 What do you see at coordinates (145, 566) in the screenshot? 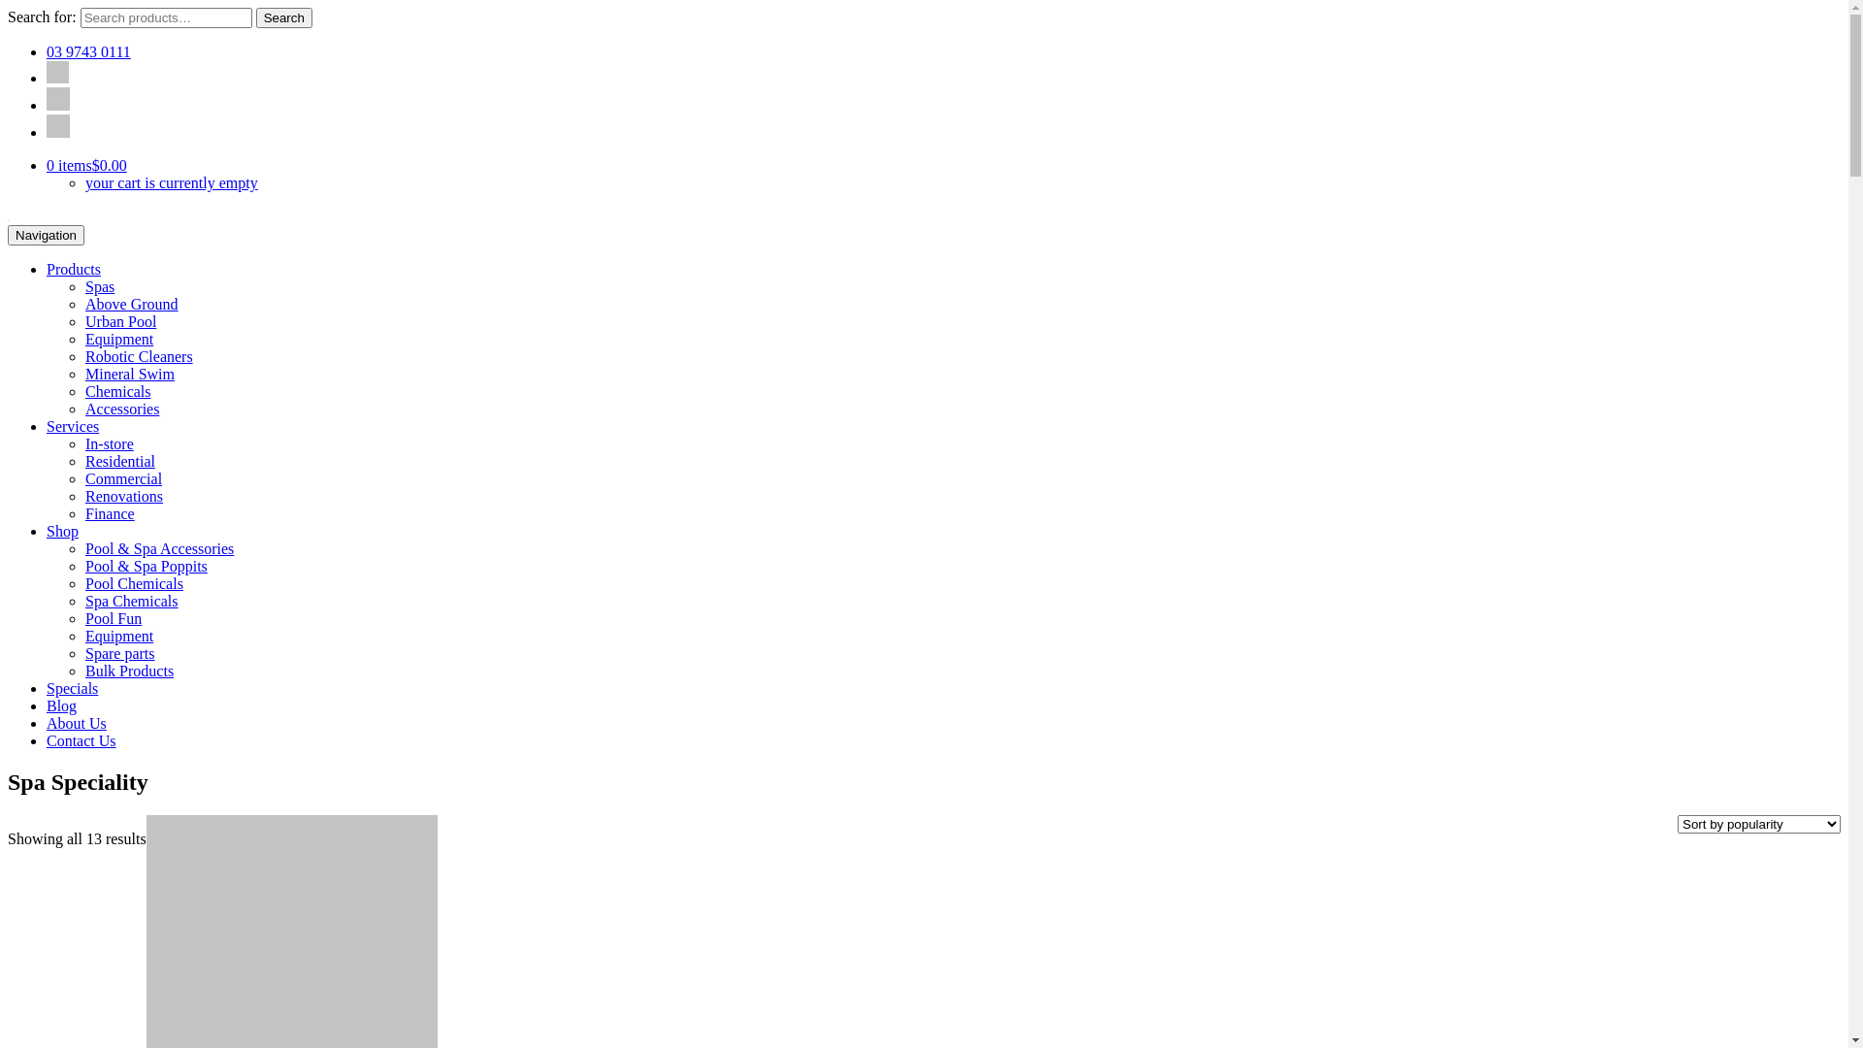
I see `'Pool & Spa Poppits'` at bounding box center [145, 566].